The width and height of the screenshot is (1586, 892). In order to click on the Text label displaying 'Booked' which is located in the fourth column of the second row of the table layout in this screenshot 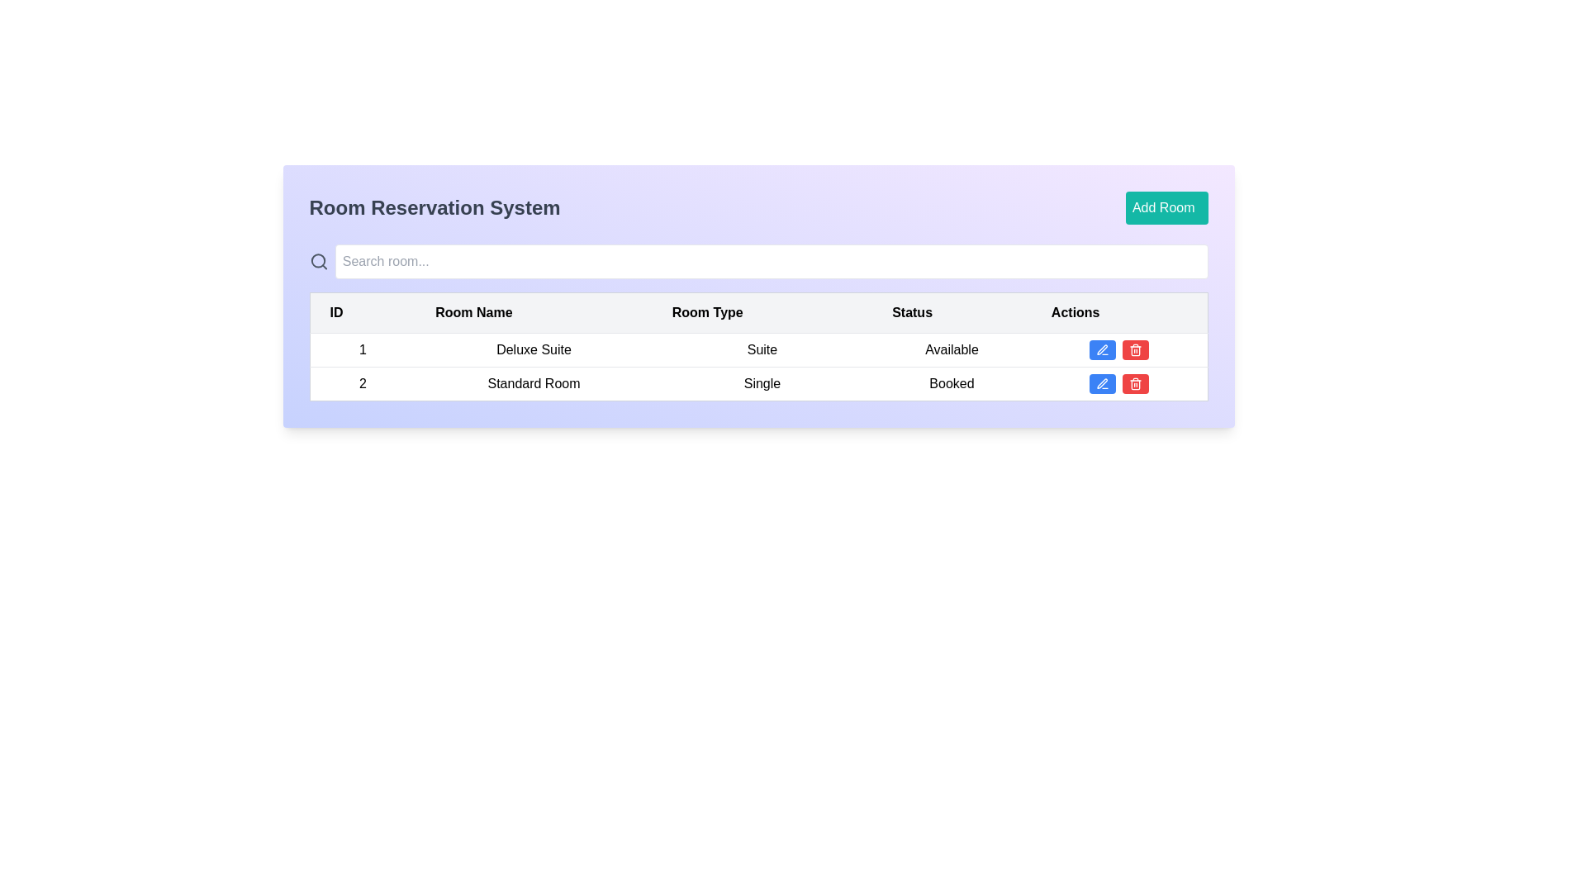, I will do `click(952, 384)`.